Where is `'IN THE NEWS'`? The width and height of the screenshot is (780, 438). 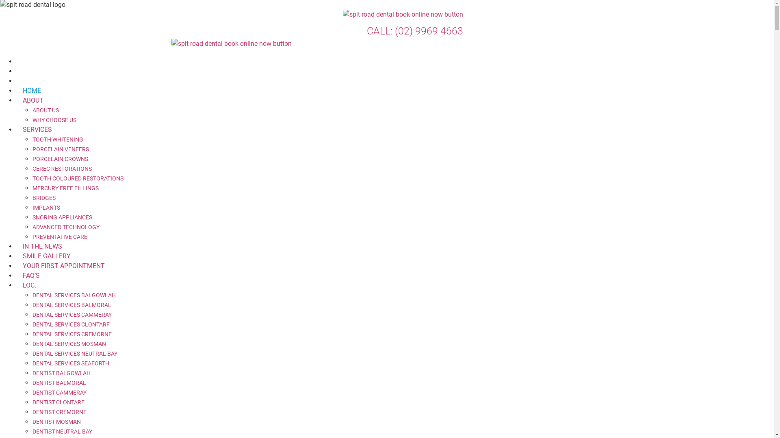
'IN THE NEWS' is located at coordinates (42, 246).